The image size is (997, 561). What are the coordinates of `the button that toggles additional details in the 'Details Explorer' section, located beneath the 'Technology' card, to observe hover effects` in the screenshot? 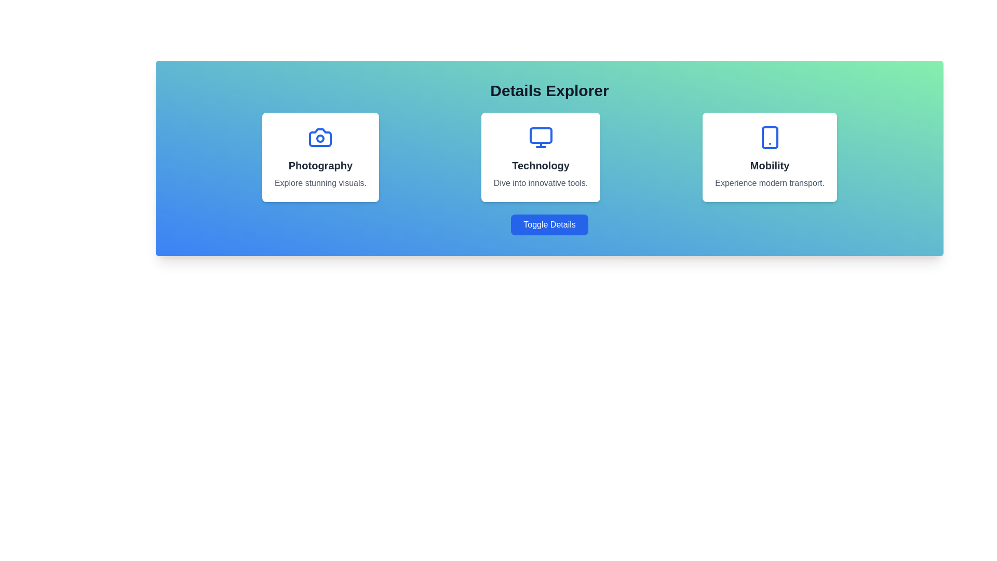 It's located at (549, 224).